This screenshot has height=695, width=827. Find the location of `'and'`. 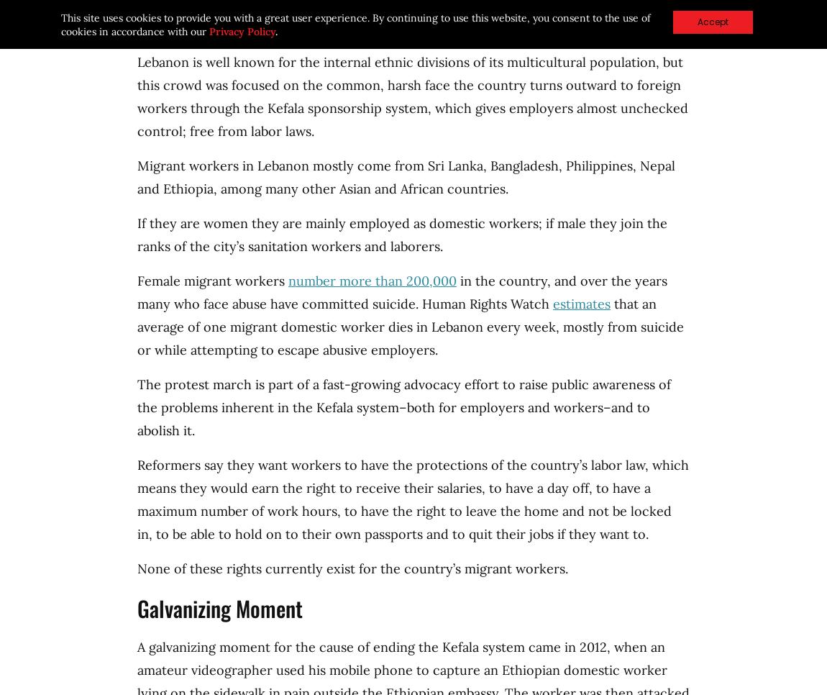

'and' is located at coordinates (149, 188).